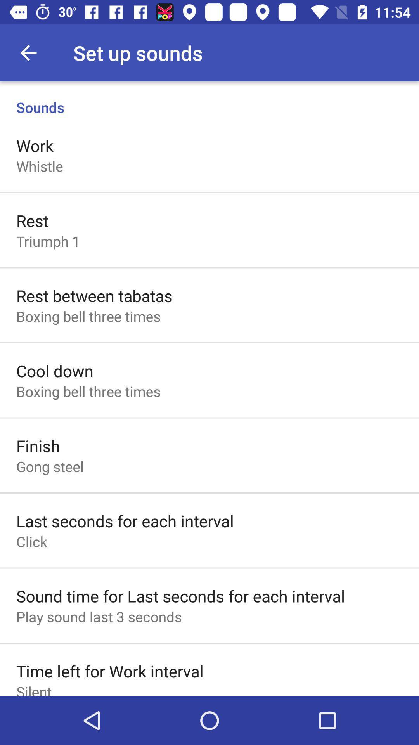  Describe the element at coordinates (28, 52) in the screenshot. I see `the icon next to the set up sounds` at that location.